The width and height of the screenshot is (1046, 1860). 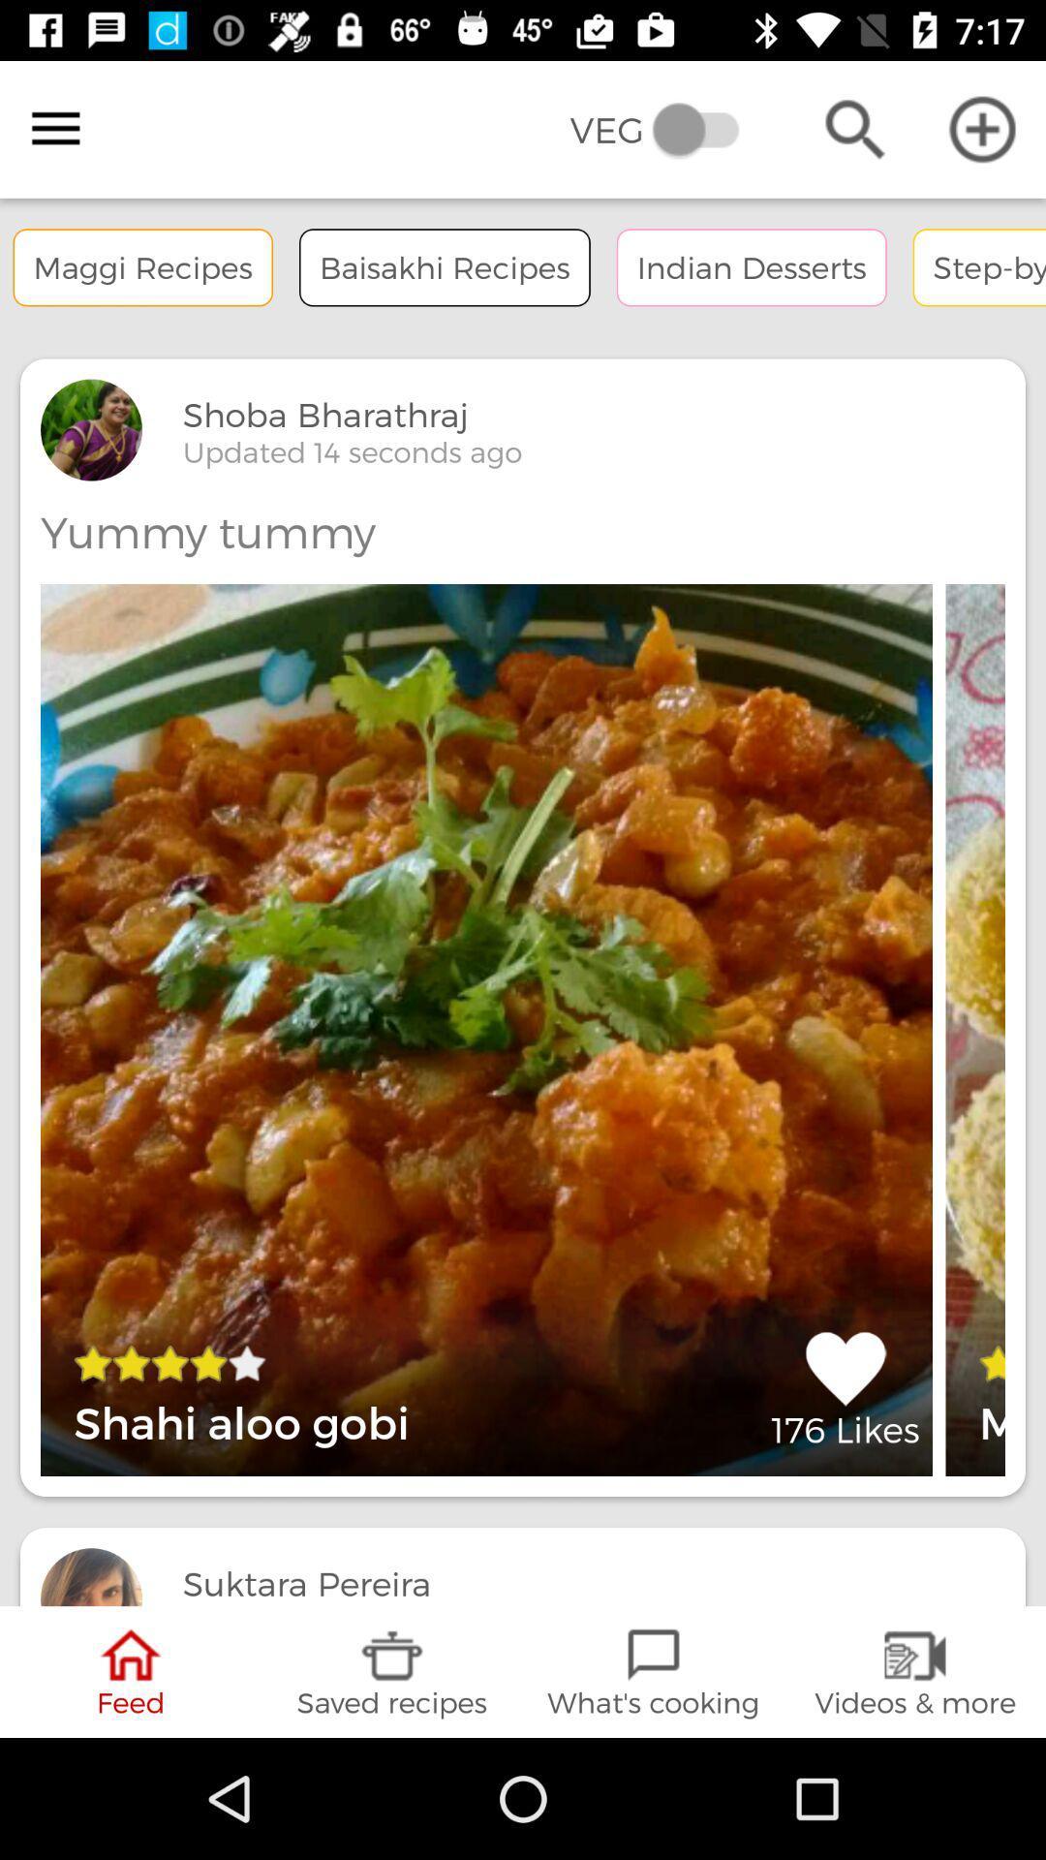 I want to click on the item next to the veg, so click(x=54, y=128).